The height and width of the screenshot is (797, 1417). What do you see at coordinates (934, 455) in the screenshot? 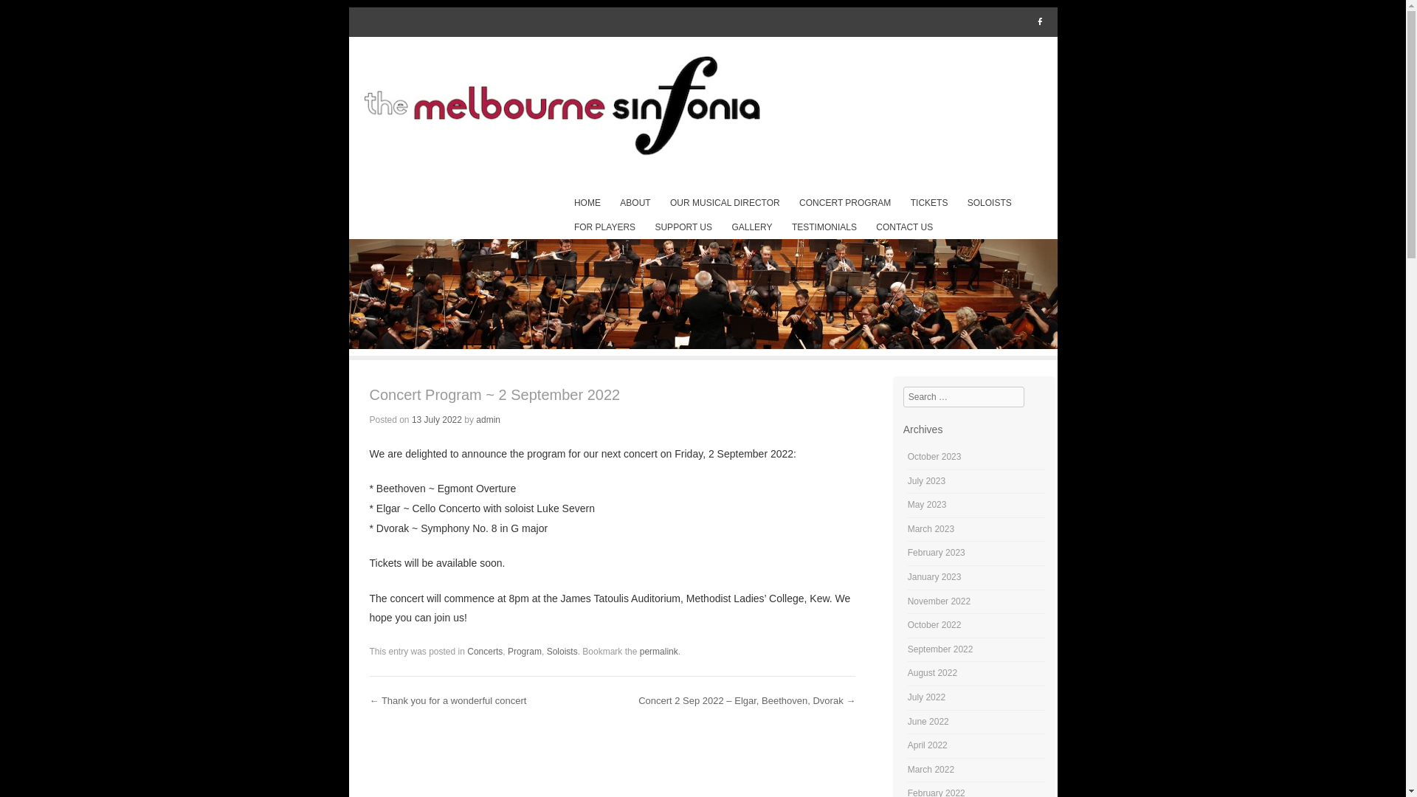
I see `'October 2023'` at bounding box center [934, 455].